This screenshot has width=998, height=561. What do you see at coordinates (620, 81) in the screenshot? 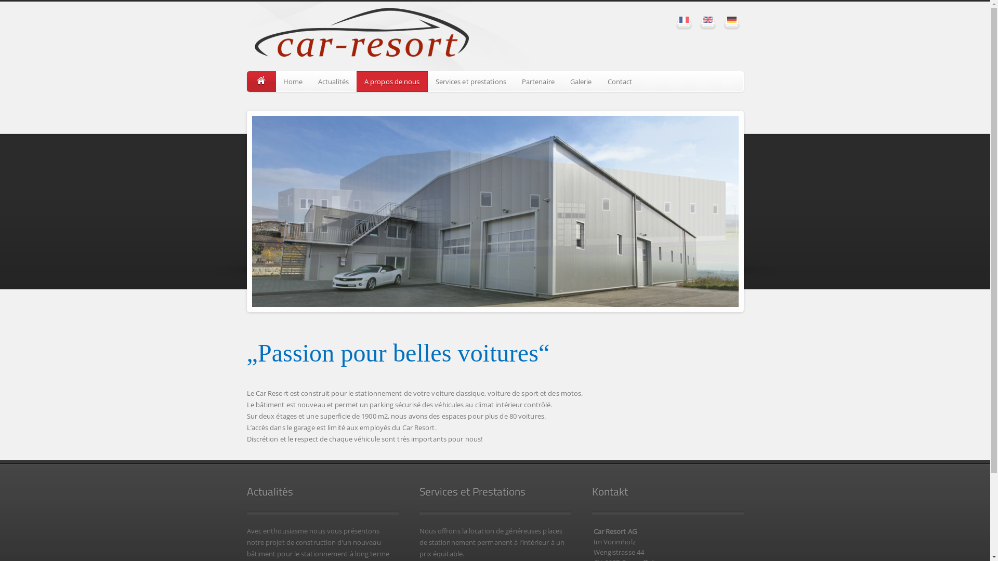
I see `'Contact'` at bounding box center [620, 81].